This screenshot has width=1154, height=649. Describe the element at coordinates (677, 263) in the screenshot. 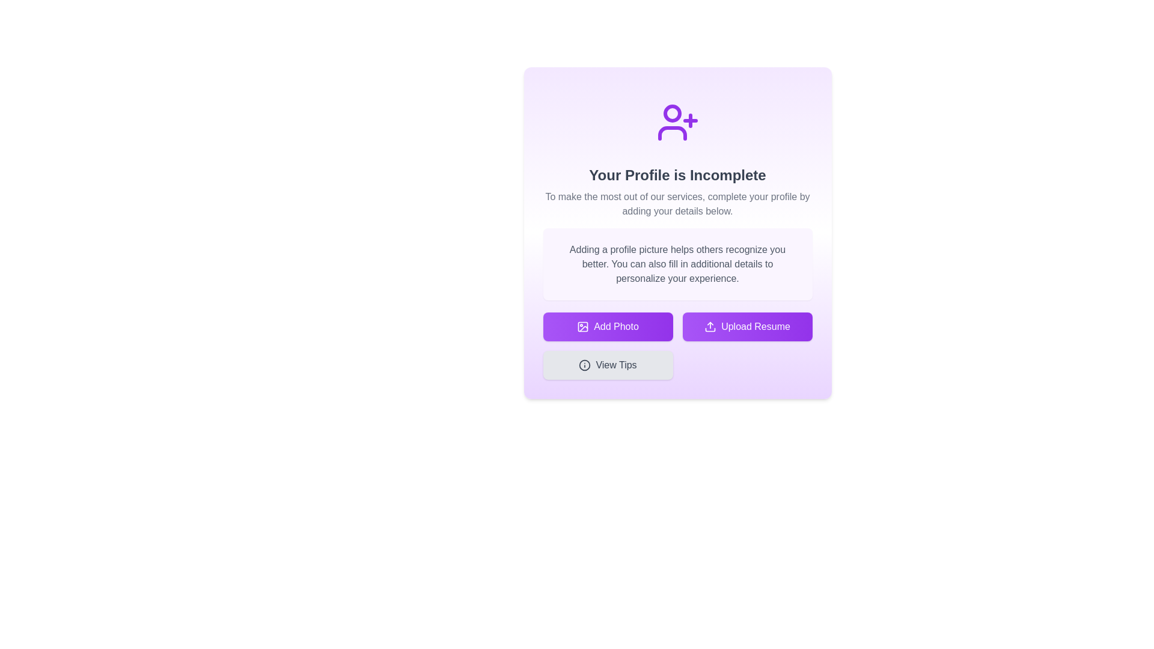

I see `the informational text block with a light purple background that provides guidance about adding a profile picture, located beneath the header 'Your Profile is Incomplete'` at that location.